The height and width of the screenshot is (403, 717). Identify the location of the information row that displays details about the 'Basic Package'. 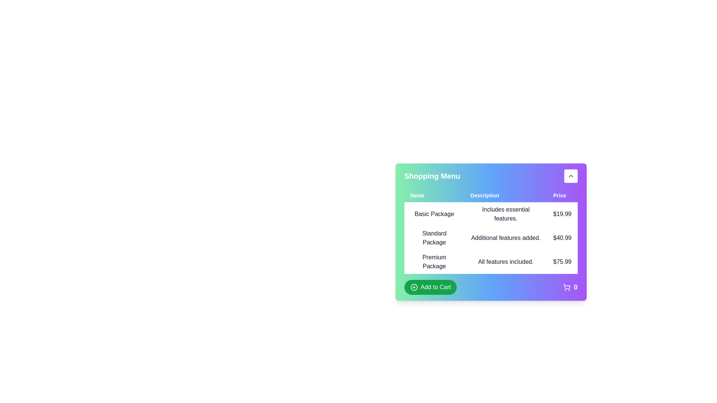
(491, 214).